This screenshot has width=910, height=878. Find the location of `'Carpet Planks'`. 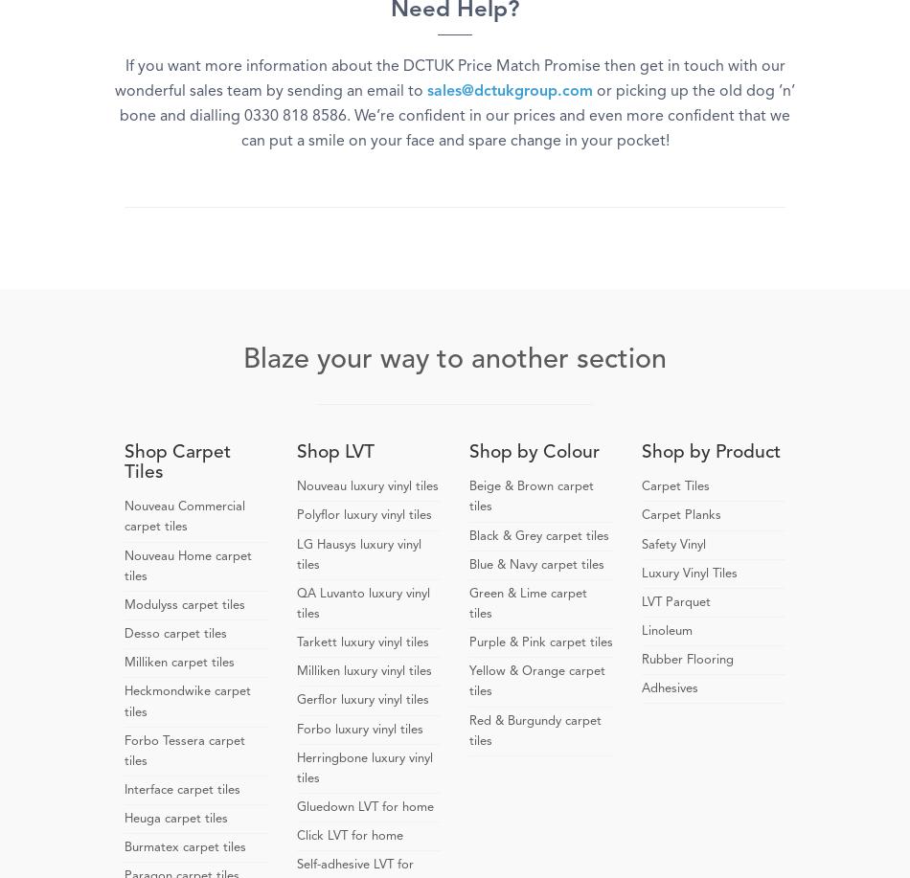

'Carpet Planks' is located at coordinates (681, 515).